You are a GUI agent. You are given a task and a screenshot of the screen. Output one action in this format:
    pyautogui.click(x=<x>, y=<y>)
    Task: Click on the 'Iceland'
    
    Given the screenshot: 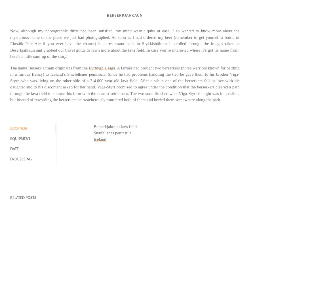 What is the action you would take?
    pyautogui.click(x=99, y=139)
    